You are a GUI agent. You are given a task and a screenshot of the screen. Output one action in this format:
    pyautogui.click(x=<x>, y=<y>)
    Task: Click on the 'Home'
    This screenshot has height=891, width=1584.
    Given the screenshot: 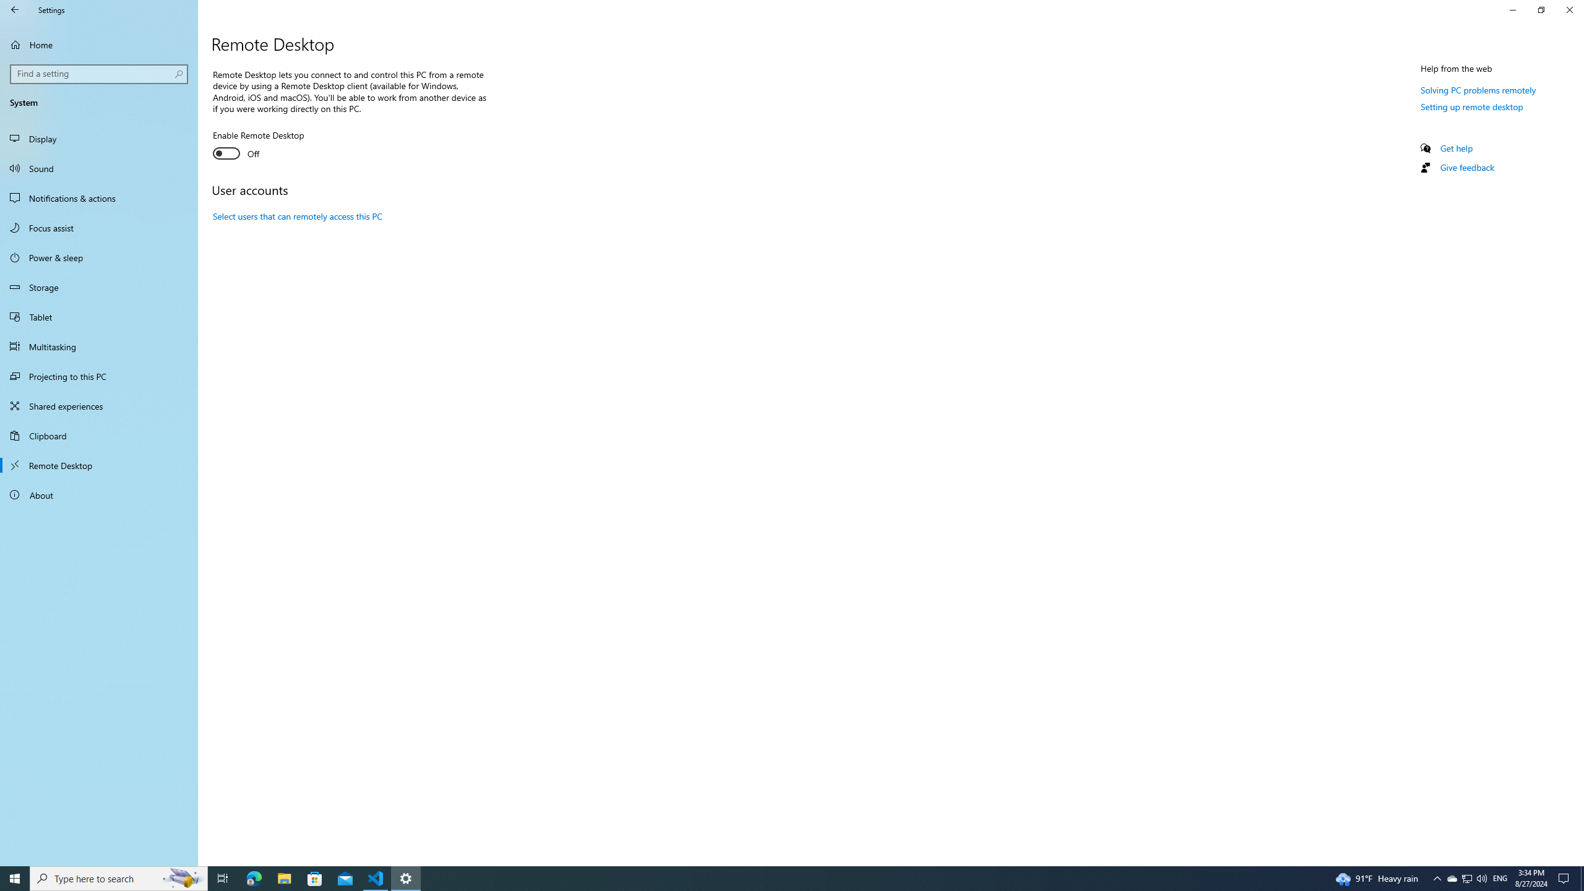 What is the action you would take?
    pyautogui.click(x=98, y=45)
    